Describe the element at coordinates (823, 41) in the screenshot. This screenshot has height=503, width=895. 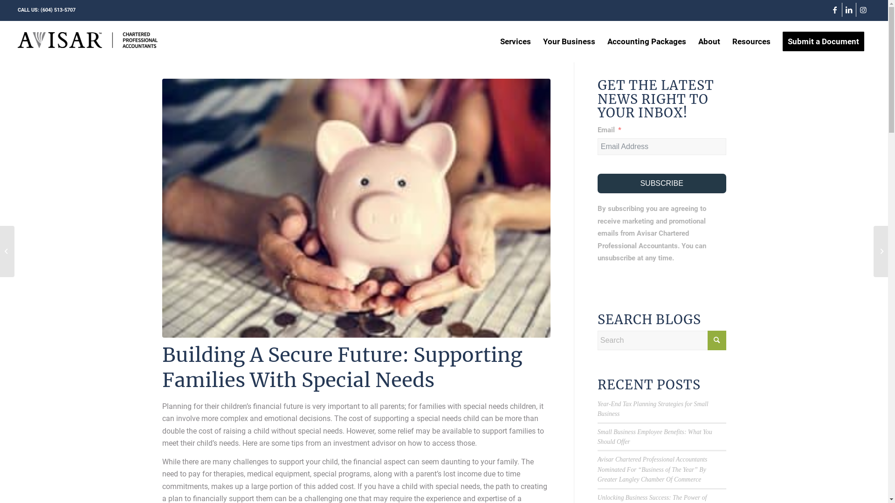
I see `'Submit a Document'` at that location.